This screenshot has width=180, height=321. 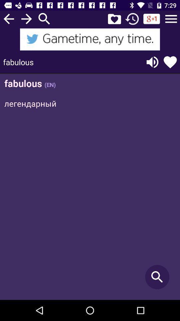 I want to click on the volume icon, so click(x=152, y=62).